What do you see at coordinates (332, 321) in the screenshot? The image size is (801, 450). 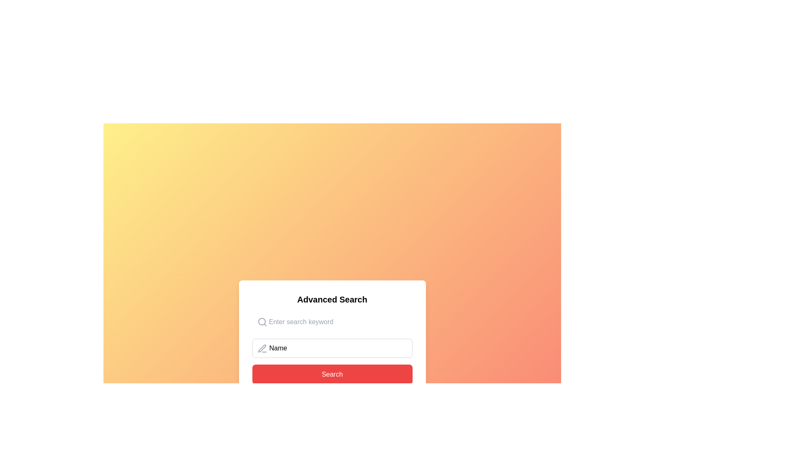 I see `the text input field with a placeholder stating 'Enter search keyword'` at bounding box center [332, 321].